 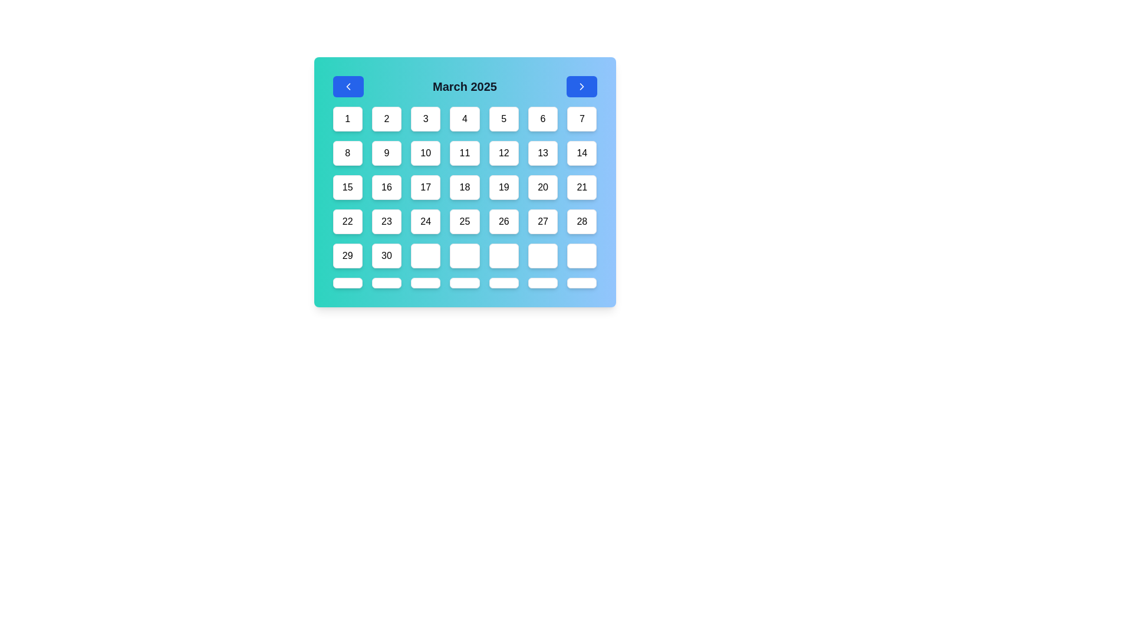 I want to click on the Left Chevron Icon located in the header of the calendar view, so click(x=347, y=86).